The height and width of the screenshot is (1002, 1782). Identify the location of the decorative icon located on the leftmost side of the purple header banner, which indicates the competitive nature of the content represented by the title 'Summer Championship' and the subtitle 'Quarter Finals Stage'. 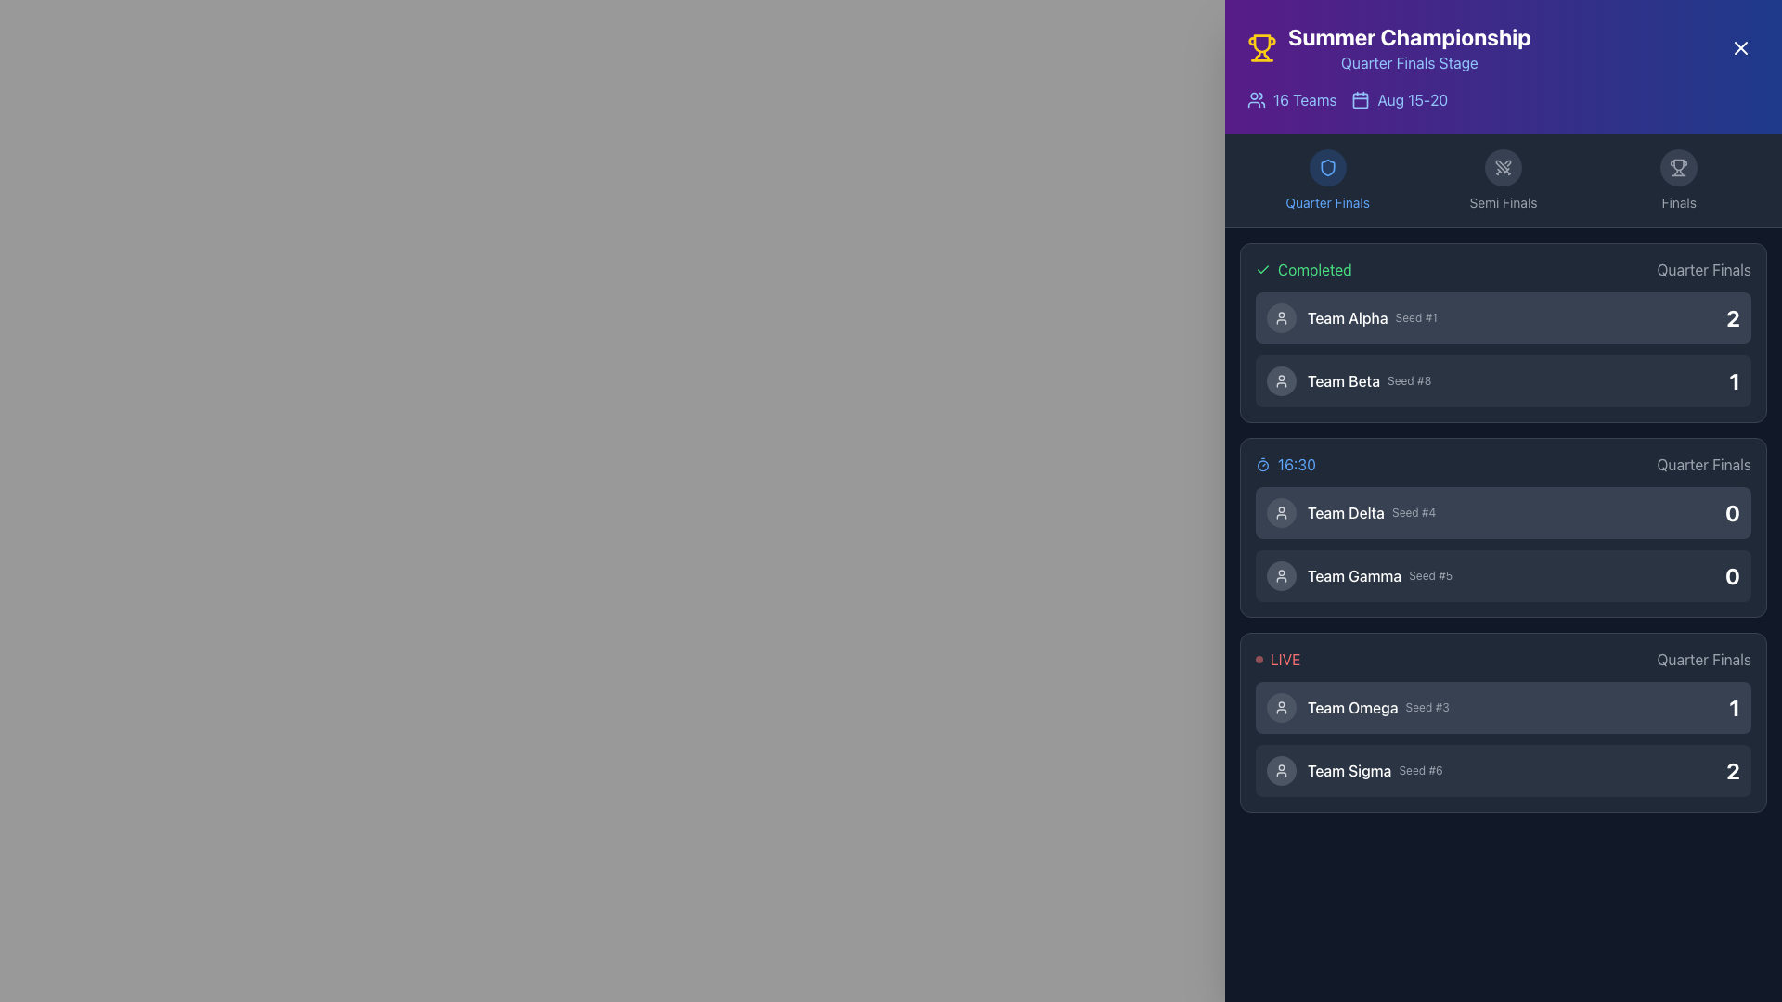
(1261, 46).